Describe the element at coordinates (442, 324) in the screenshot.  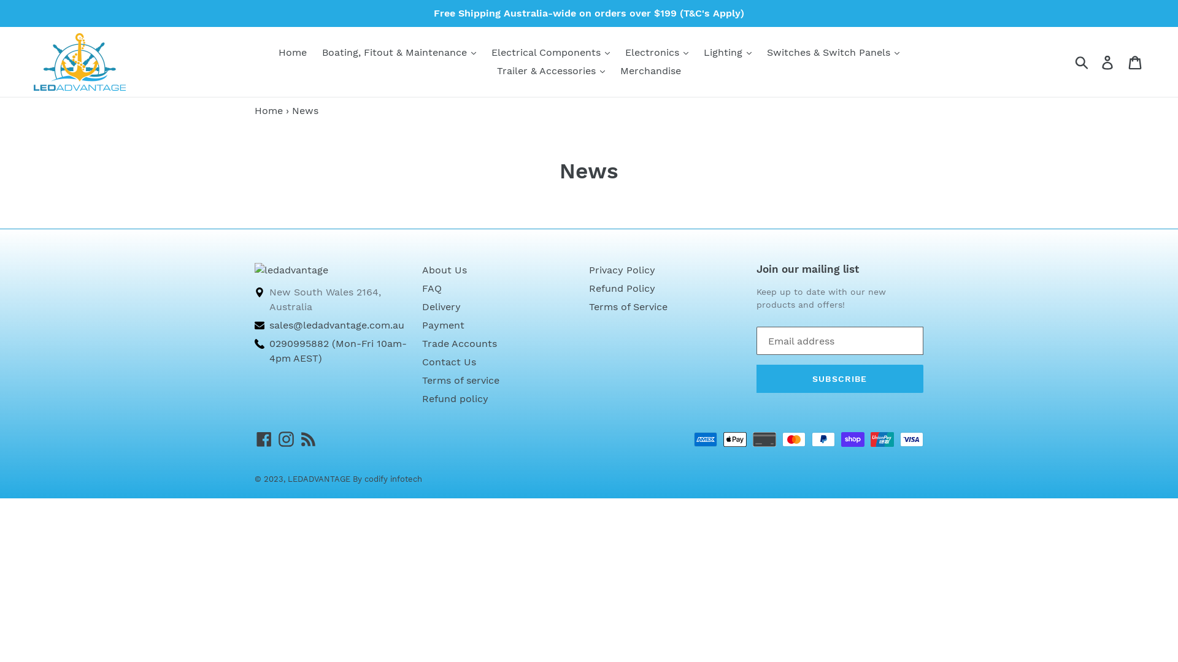
I see `'Payment'` at that location.